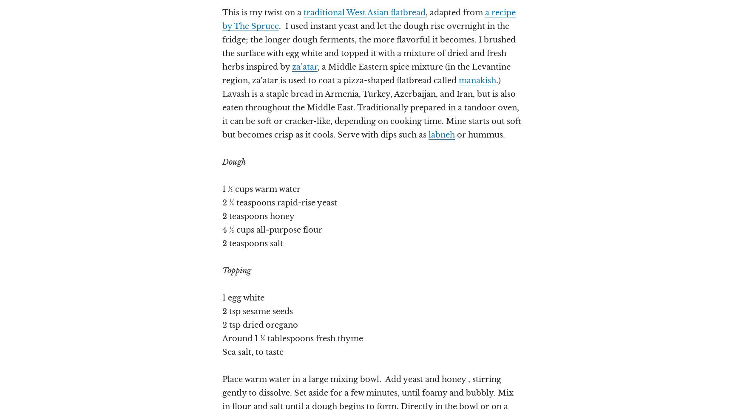 This screenshot has height=410, width=744. Describe the element at coordinates (366, 73) in the screenshot. I see `', a Middle Eastern spice mixture (in the Levantine region, za’atar is used to coat a pizza-shaped flatbread called'` at that location.